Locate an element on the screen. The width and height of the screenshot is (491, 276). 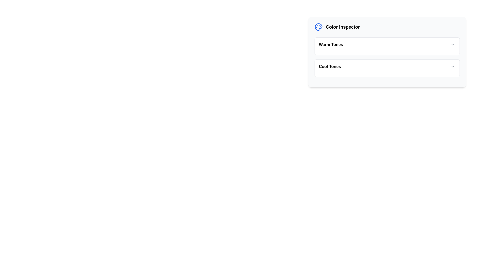
the 'Cool Tones' dropdown menu in the 'Color Inspector' widget is located at coordinates (387, 68).